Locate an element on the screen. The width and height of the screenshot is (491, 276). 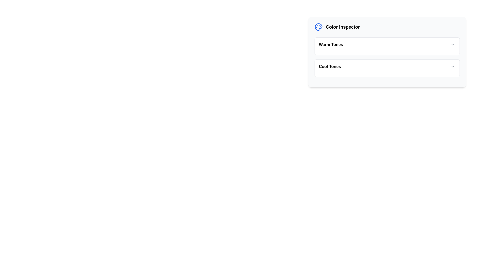
the 'Cool Tones' dropdown menu in the 'Color Inspector' widget is located at coordinates (387, 68).